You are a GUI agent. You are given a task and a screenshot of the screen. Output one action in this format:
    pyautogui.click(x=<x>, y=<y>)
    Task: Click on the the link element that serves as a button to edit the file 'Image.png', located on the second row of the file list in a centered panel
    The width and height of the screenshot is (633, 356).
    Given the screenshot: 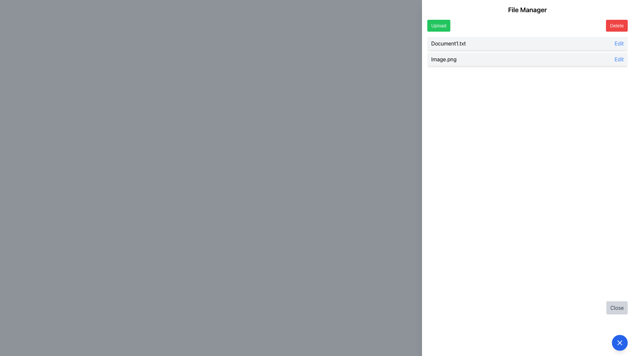 What is the action you would take?
    pyautogui.click(x=619, y=59)
    